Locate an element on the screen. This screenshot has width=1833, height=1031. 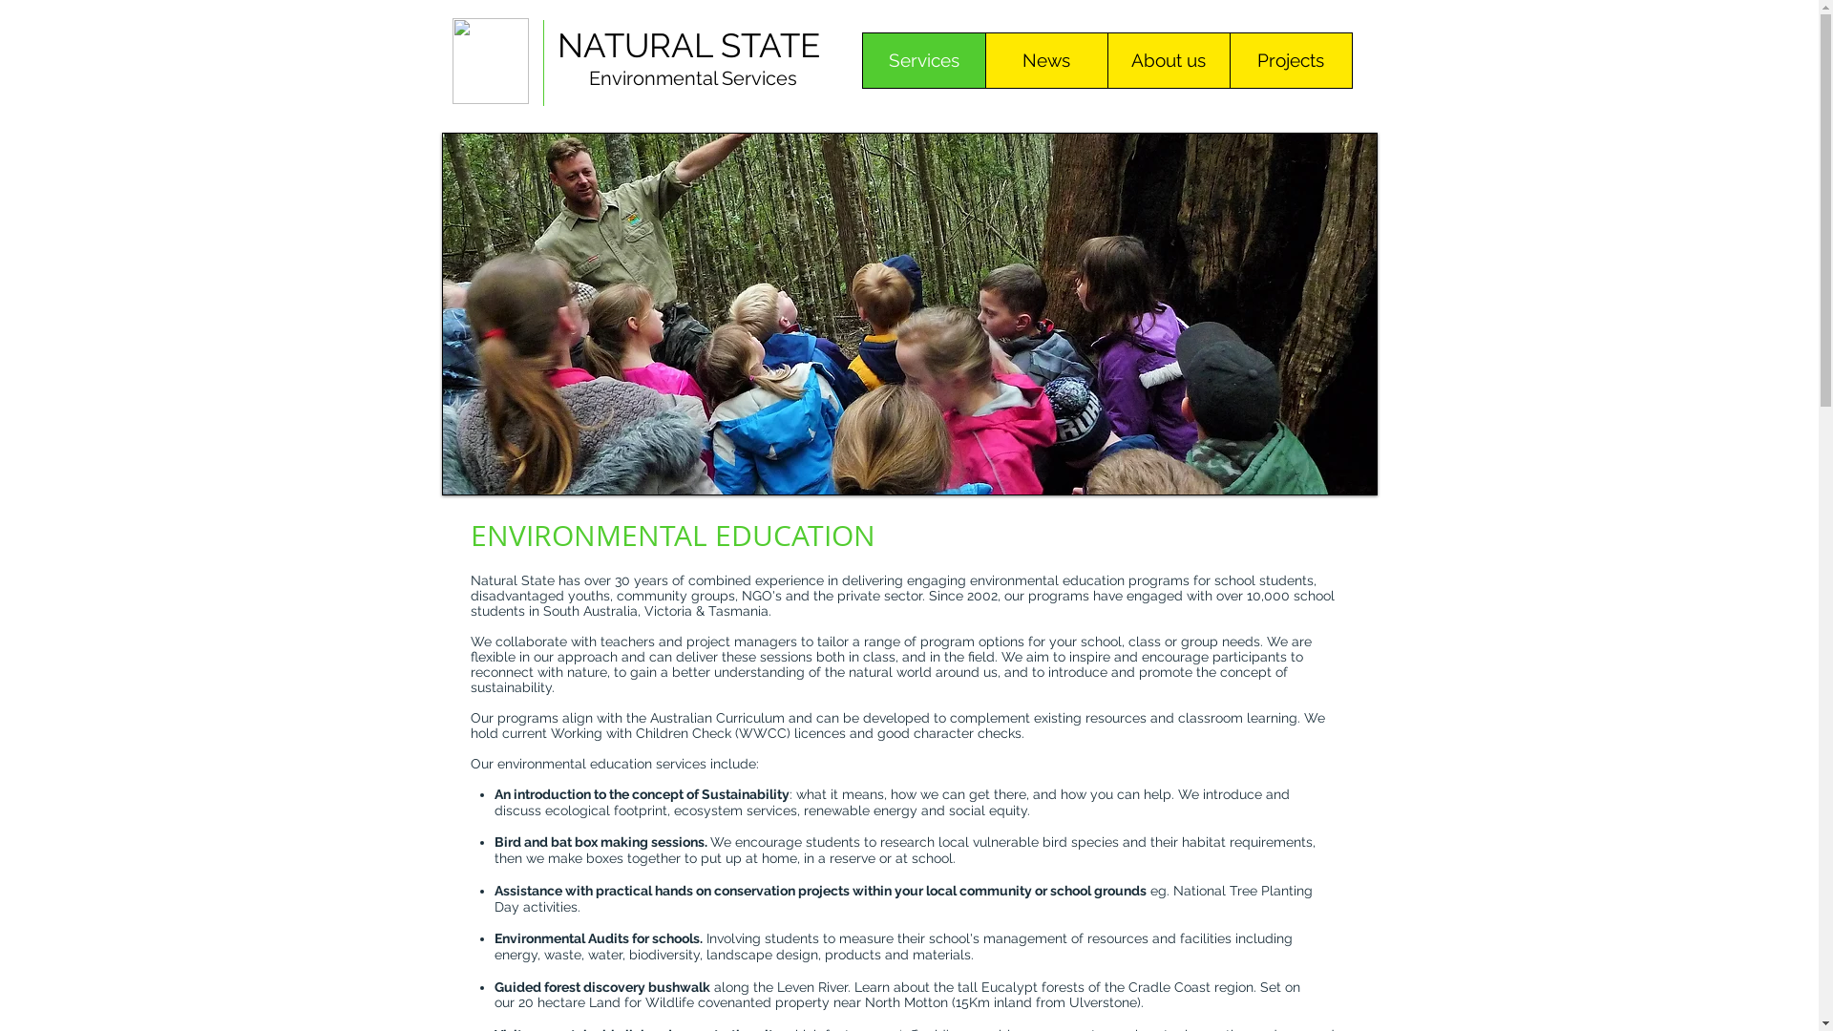
'About us' is located at coordinates (1107, 59).